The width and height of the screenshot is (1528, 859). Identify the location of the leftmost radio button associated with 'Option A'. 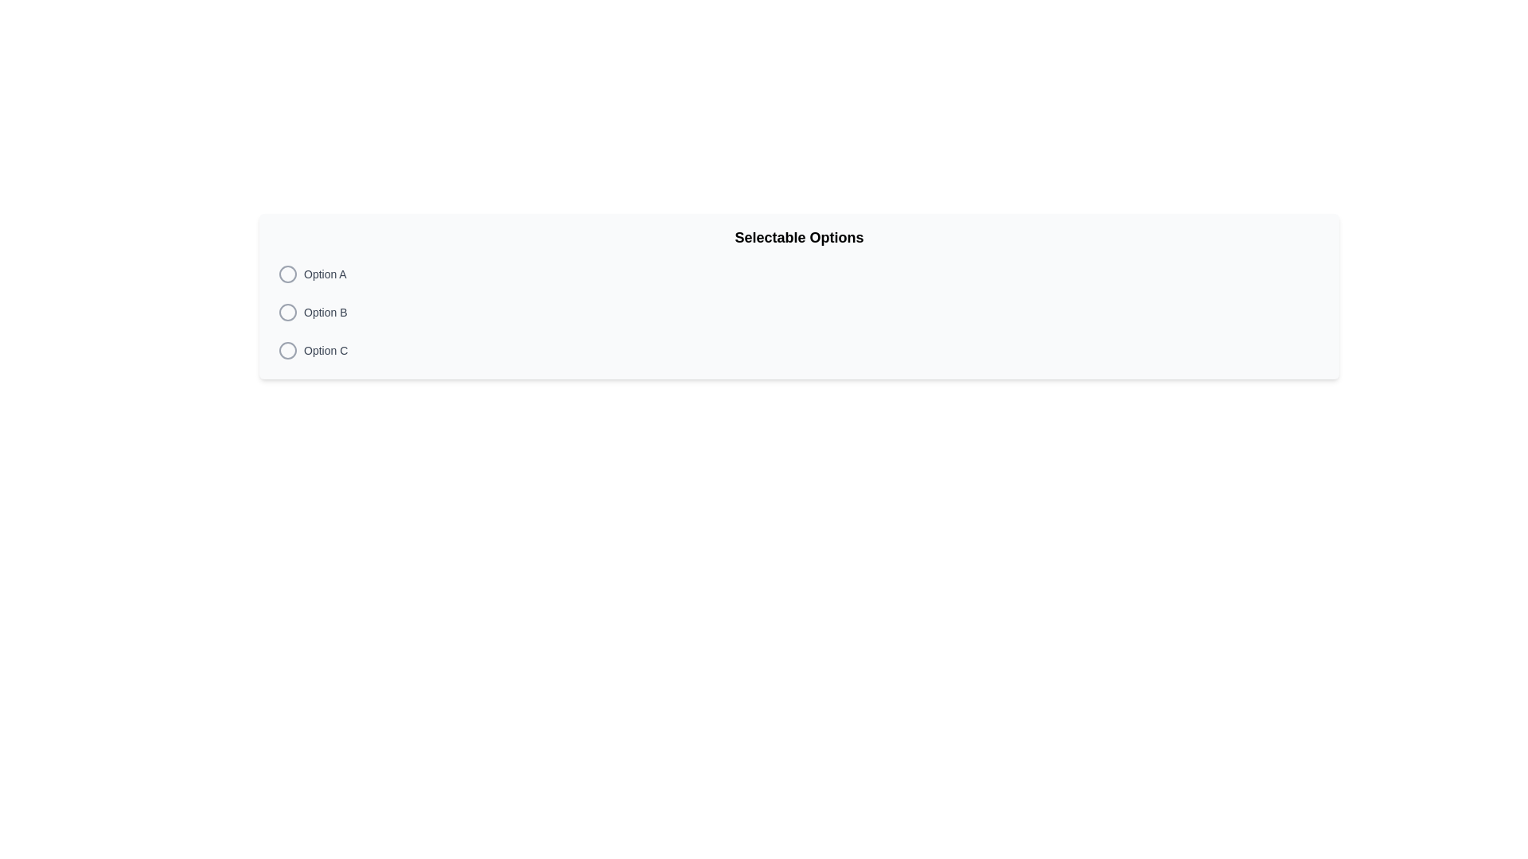
(287, 273).